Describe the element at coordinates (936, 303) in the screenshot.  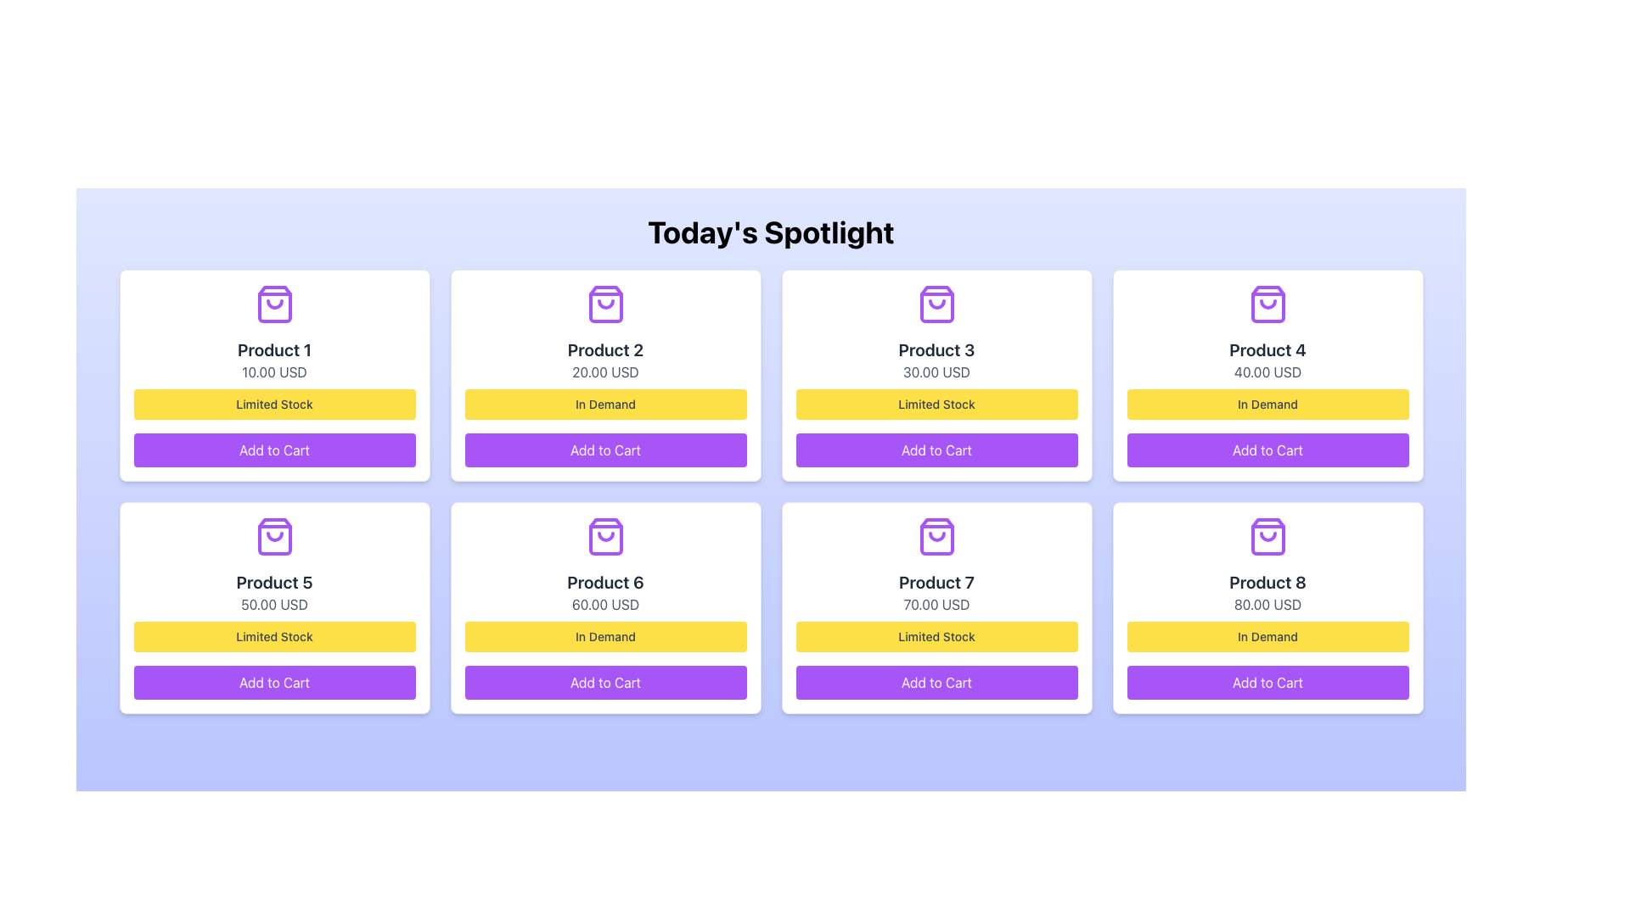
I see `the shopping bag icon with a purple outline located above the text 'Product 3' in the third card of the first row` at that location.